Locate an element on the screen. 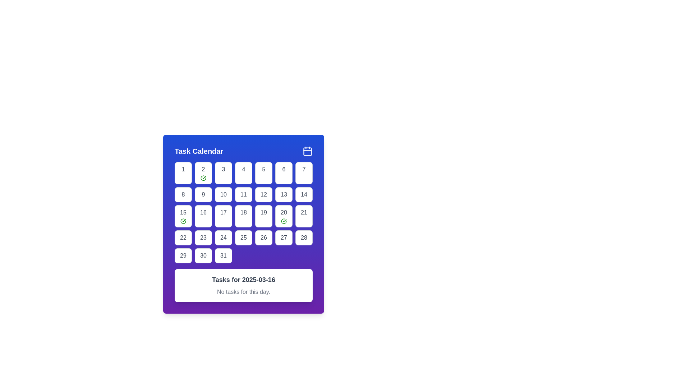 The image size is (690, 388). the completed task icon located below the numerical text '15' in the calendar interface is located at coordinates (183, 221).